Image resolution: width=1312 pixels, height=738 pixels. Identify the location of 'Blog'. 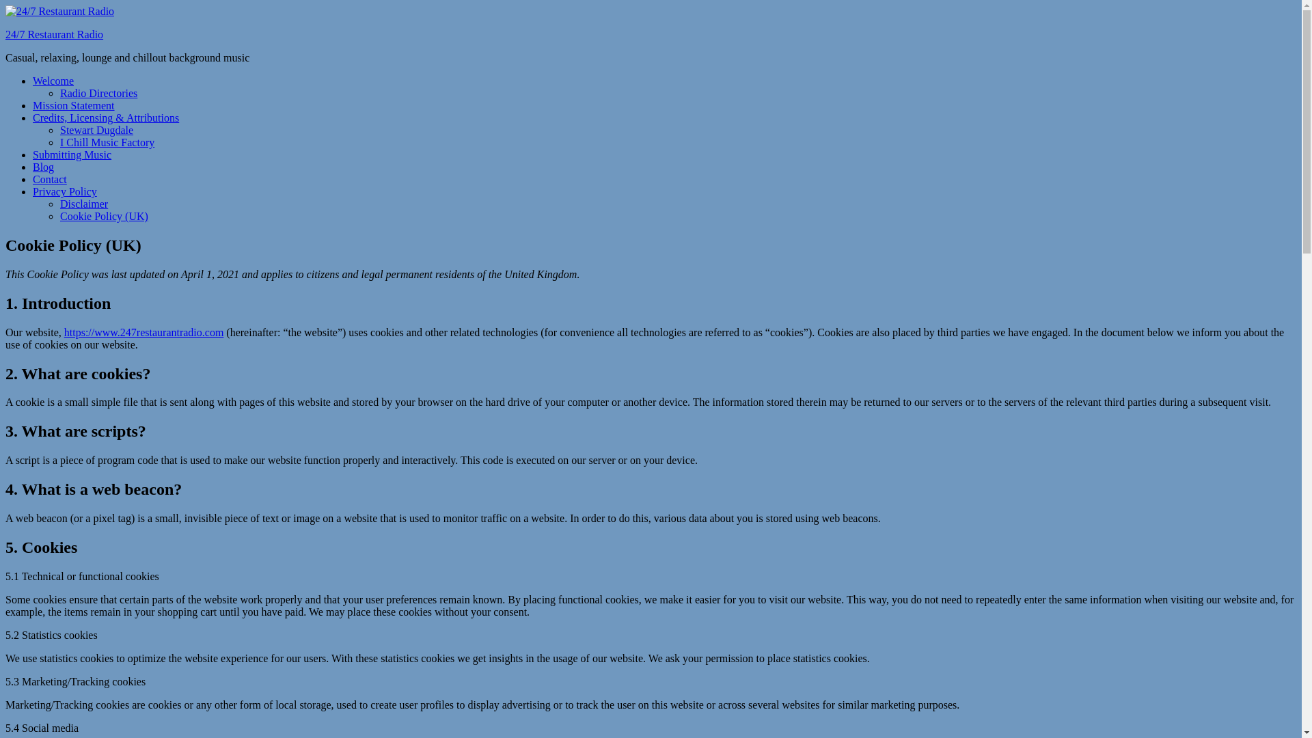
(43, 166).